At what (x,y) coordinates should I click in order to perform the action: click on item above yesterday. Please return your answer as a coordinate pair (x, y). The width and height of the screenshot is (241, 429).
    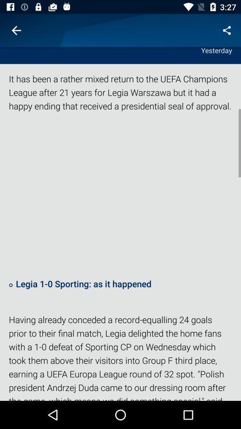
    Looking at the image, I should click on (16, 30).